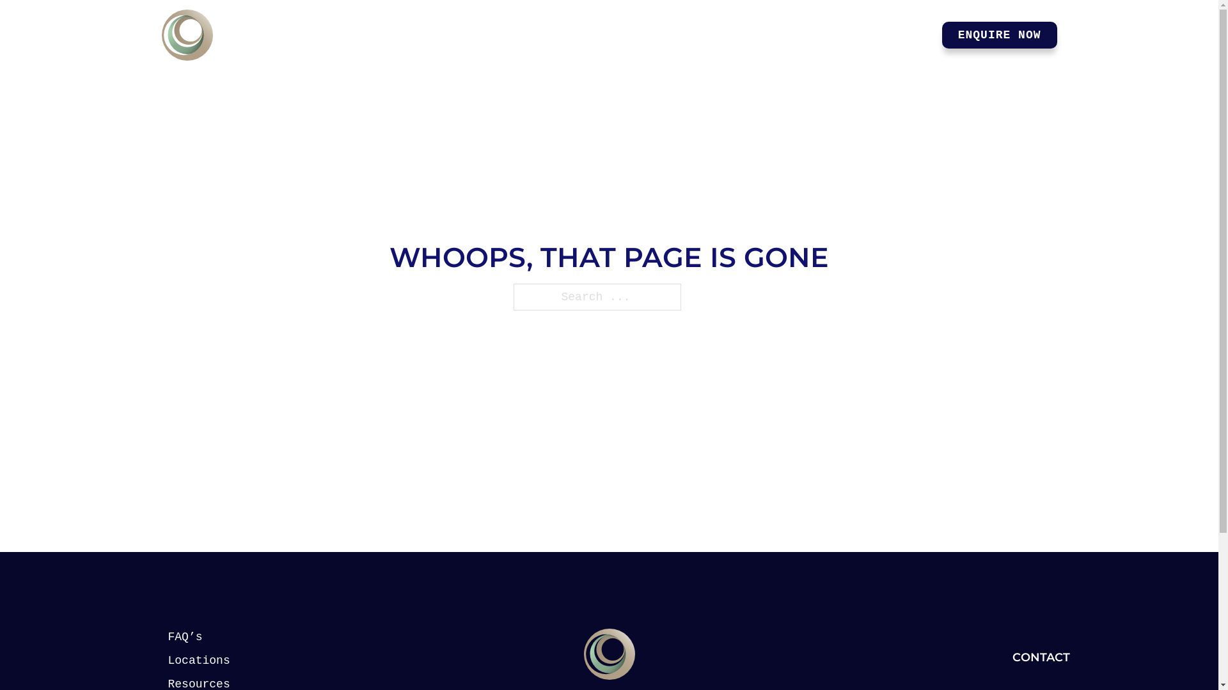 The image size is (1228, 690). What do you see at coordinates (723, 34) in the screenshot?
I see `'PRICING'` at bounding box center [723, 34].